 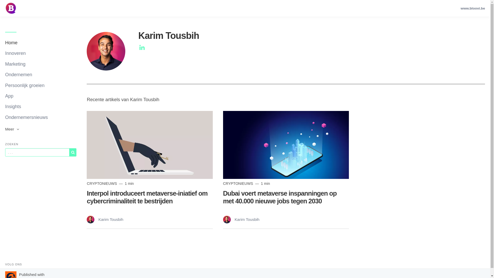 I want to click on 'Insights', so click(x=5, y=106).